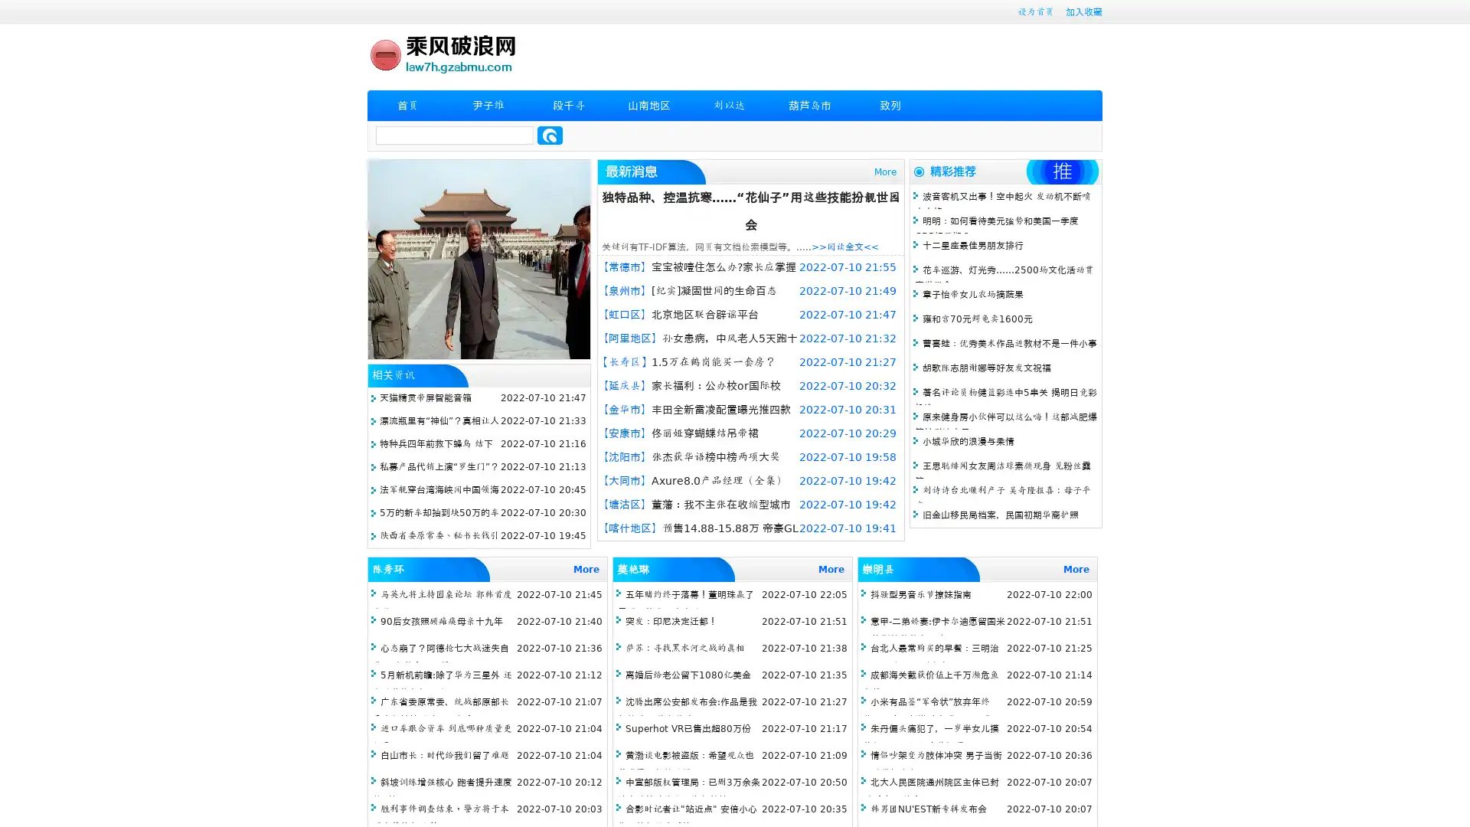 The image size is (1470, 827). I want to click on Search, so click(550, 135).